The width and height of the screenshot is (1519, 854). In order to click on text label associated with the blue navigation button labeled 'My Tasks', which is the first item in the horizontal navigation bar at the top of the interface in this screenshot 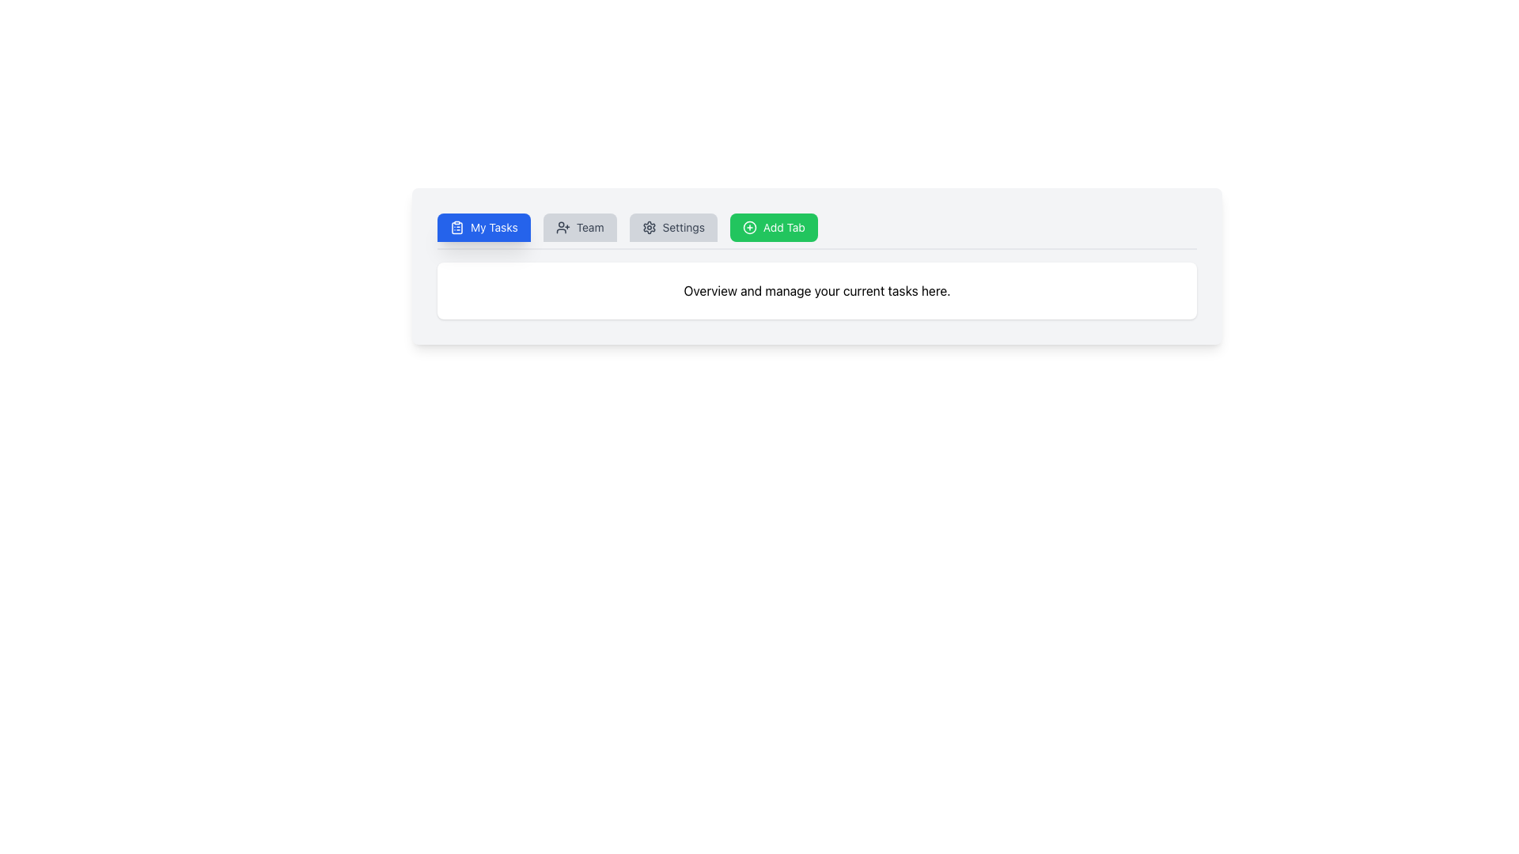, I will do `click(493, 228)`.